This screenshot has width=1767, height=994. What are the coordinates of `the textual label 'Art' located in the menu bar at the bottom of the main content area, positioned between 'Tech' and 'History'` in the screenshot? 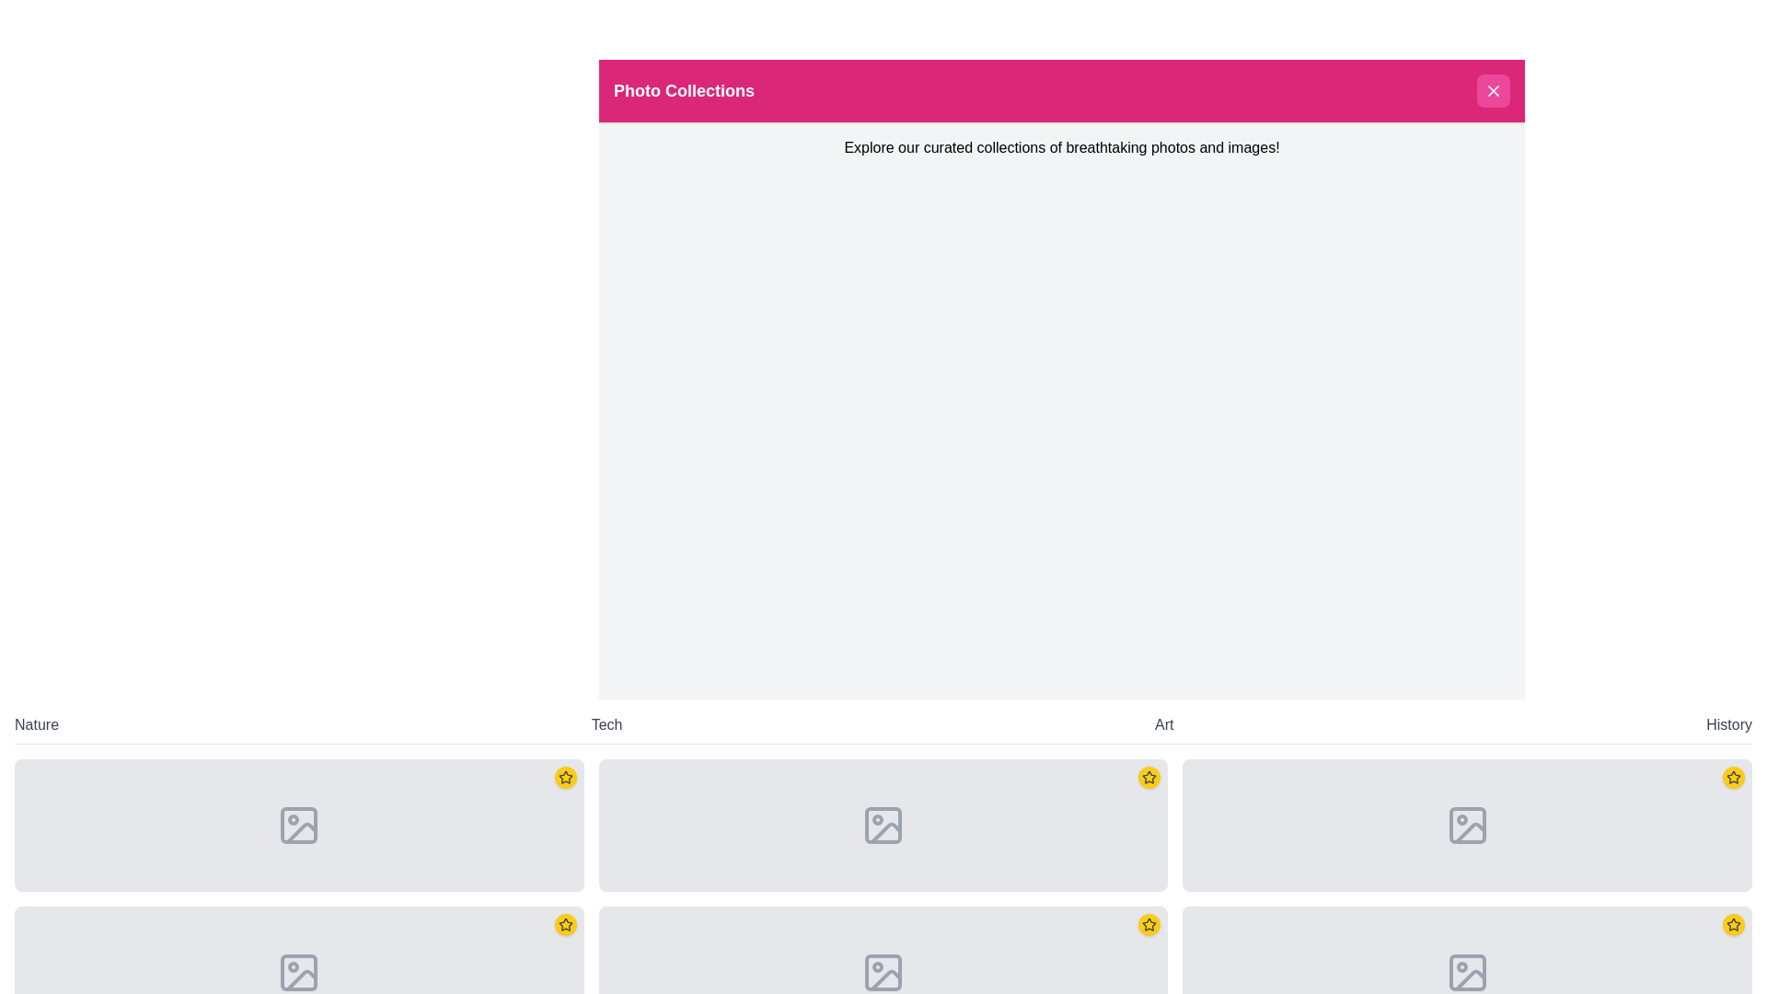 It's located at (1163, 723).